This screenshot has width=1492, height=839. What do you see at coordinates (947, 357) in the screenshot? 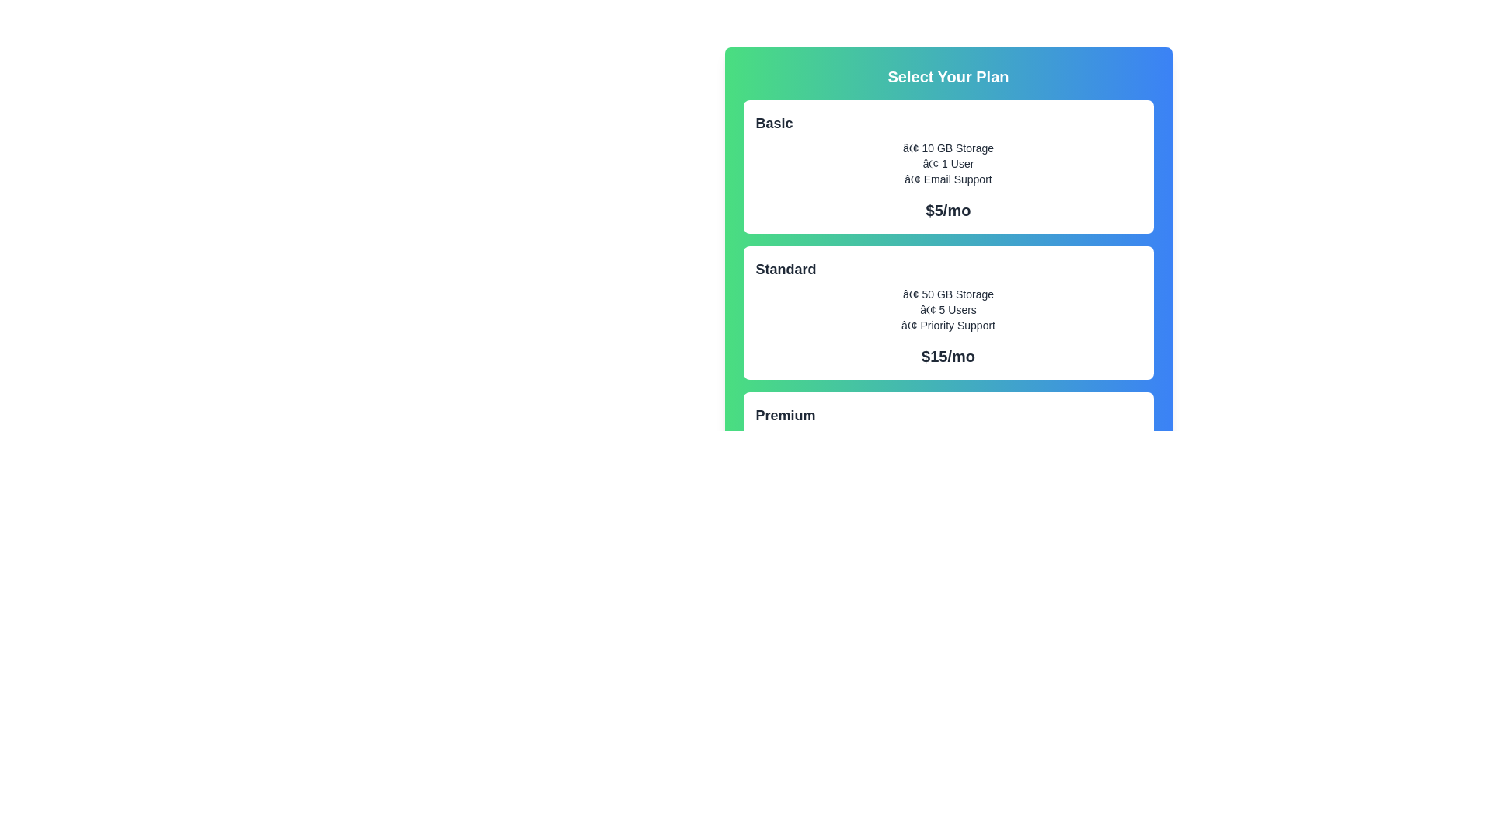
I see `displayed information from the text label showing '$15/mo', which is prominently positioned at the bottom-right side of the 'Standard' option in the pricing selection interface` at bounding box center [947, 357].